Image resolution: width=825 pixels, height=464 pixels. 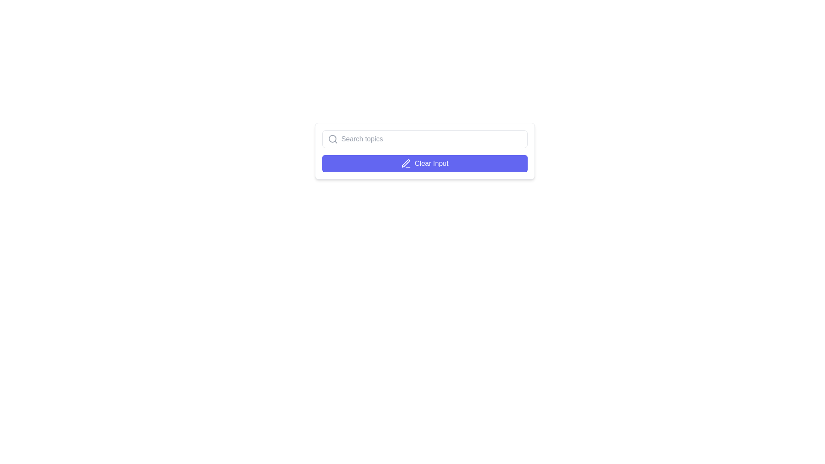 I want to click on the search icon located at the leftmost side of the search input field, which visually represents a search action, so click(x=332, y=139).